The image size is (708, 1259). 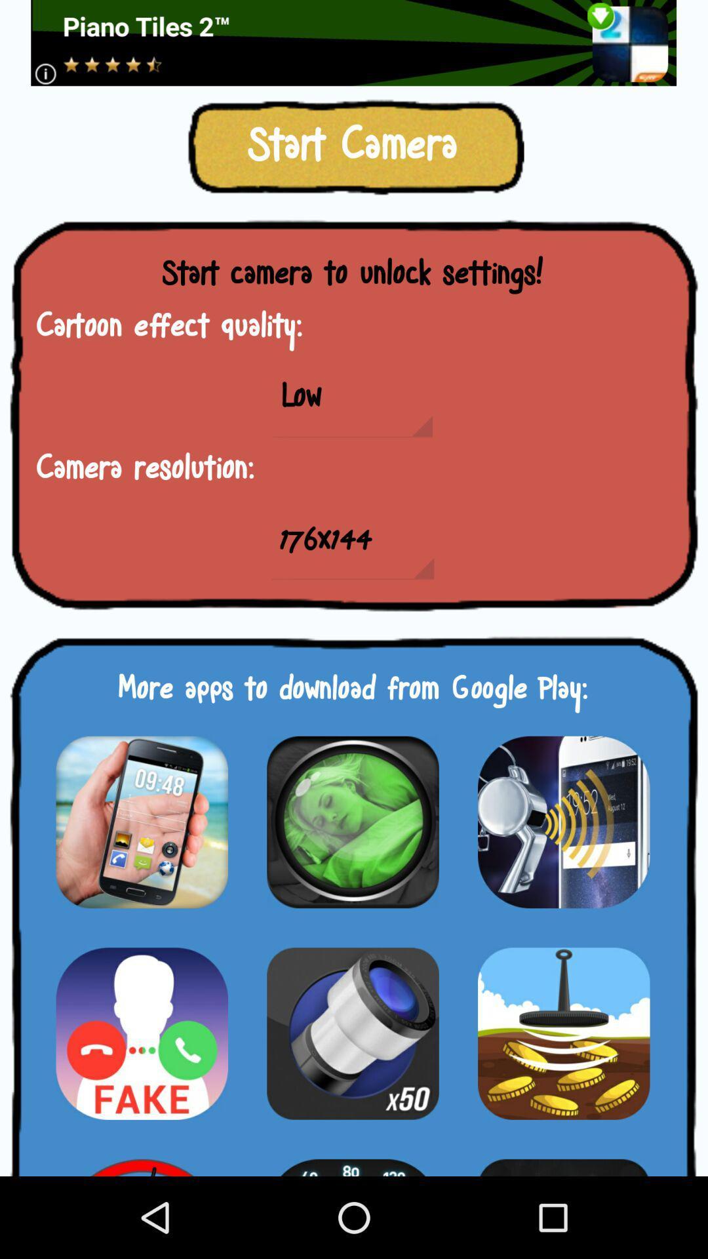 What do you see at coordinates (142, 1033) in the screenshot?
I see `the caution option` at bounding box center [142, 1033].